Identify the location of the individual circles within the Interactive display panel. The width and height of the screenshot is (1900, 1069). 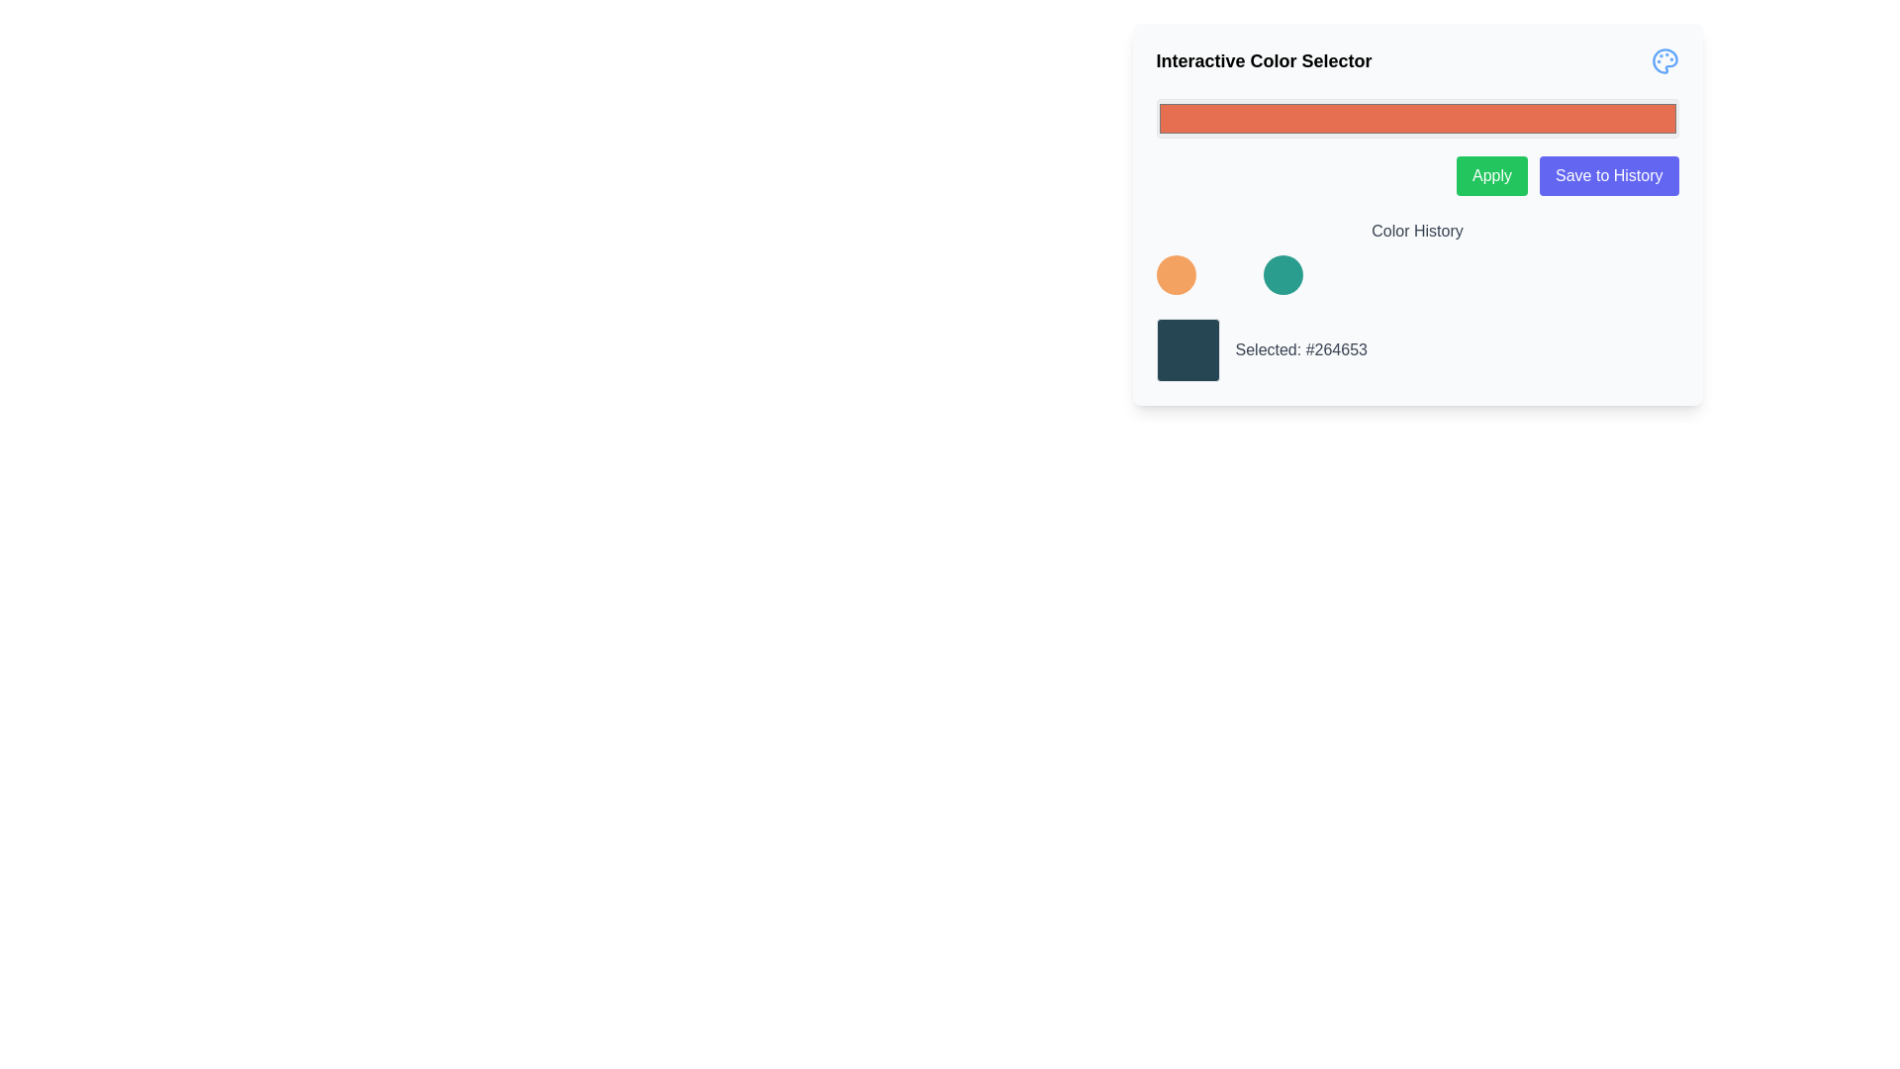
(1416, 255).